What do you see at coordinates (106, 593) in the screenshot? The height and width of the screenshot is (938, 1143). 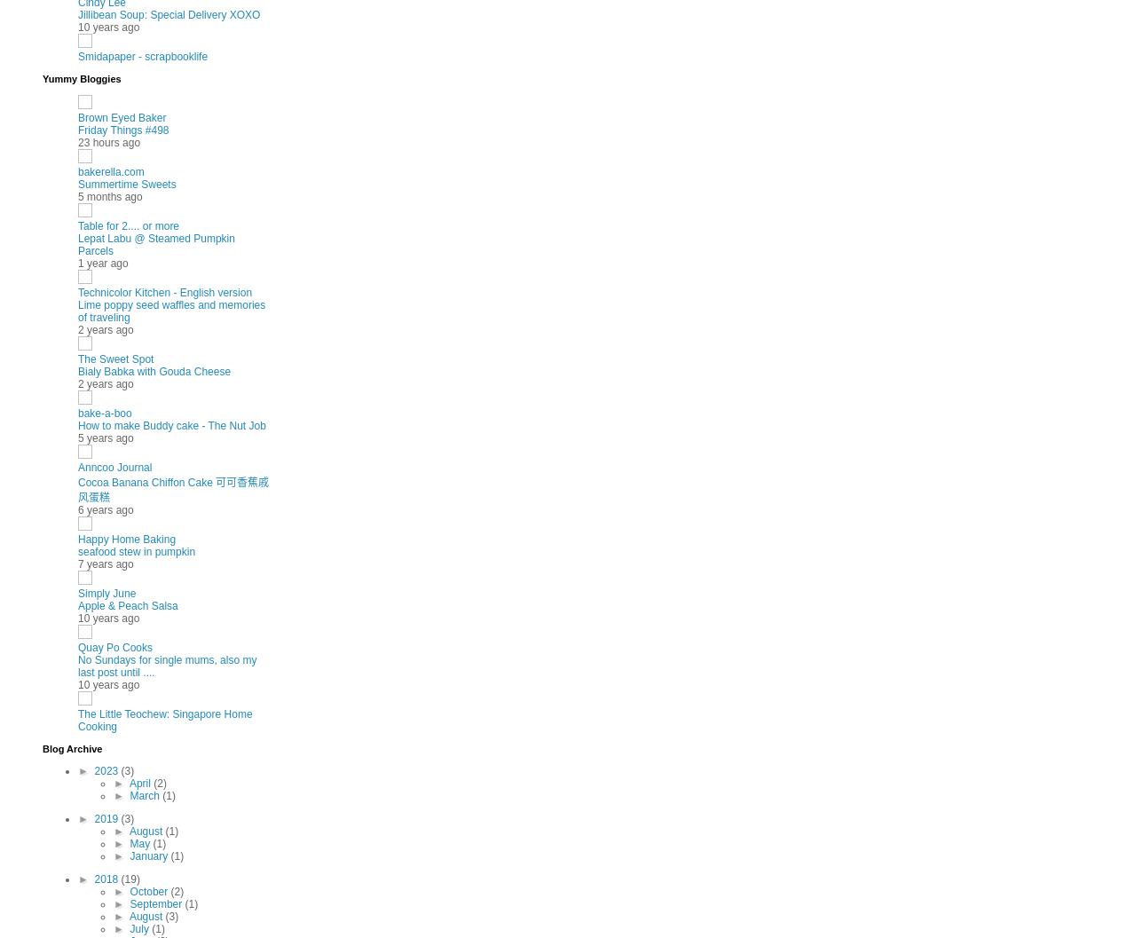 I see `'Simply June'` at bounding box center [106, 593].